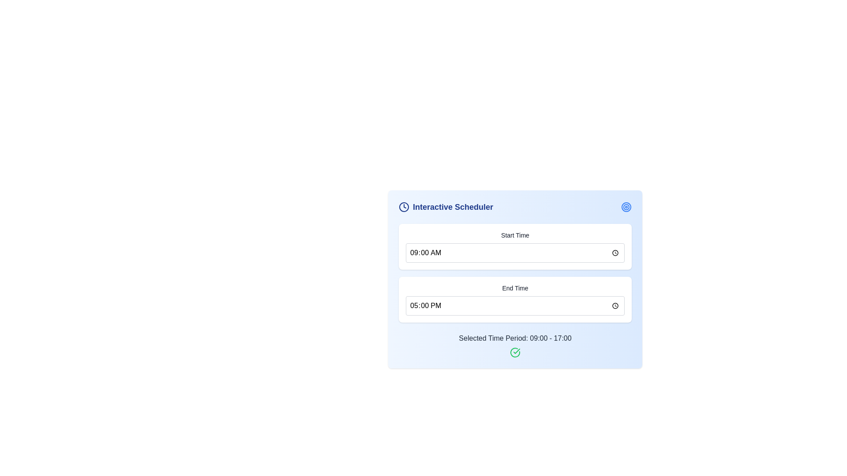 This screenshot has width=847, height=476. Describe the element at coordinates (517, 351) in the screenshot. I see `the Decorative Icon indicating confirmation for the selected time period '09:00 - 17:00' for accessibility purposes` at that location.